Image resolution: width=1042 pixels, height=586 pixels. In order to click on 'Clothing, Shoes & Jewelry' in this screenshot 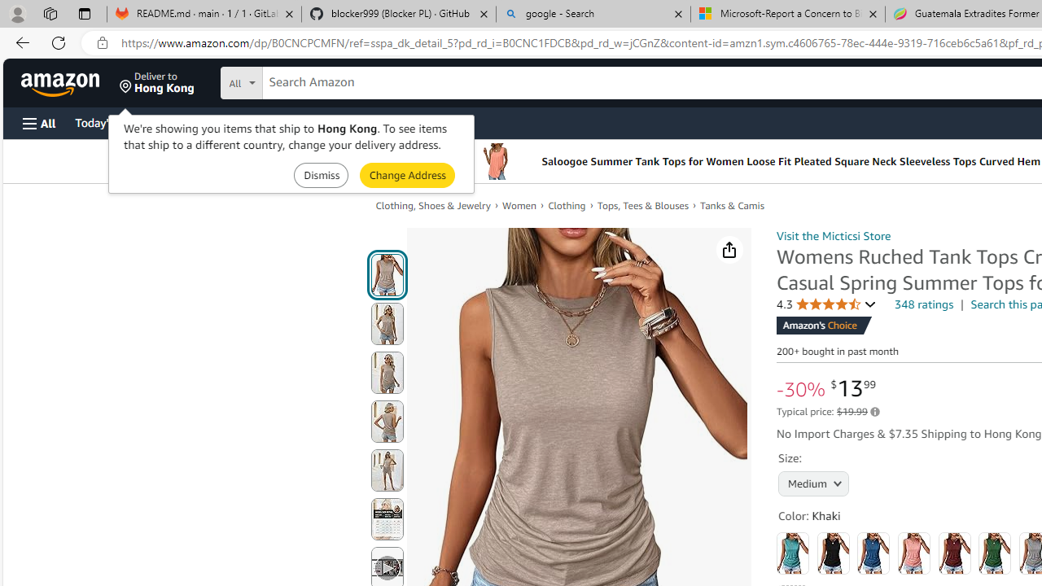, I will do `click(432, 205)`.